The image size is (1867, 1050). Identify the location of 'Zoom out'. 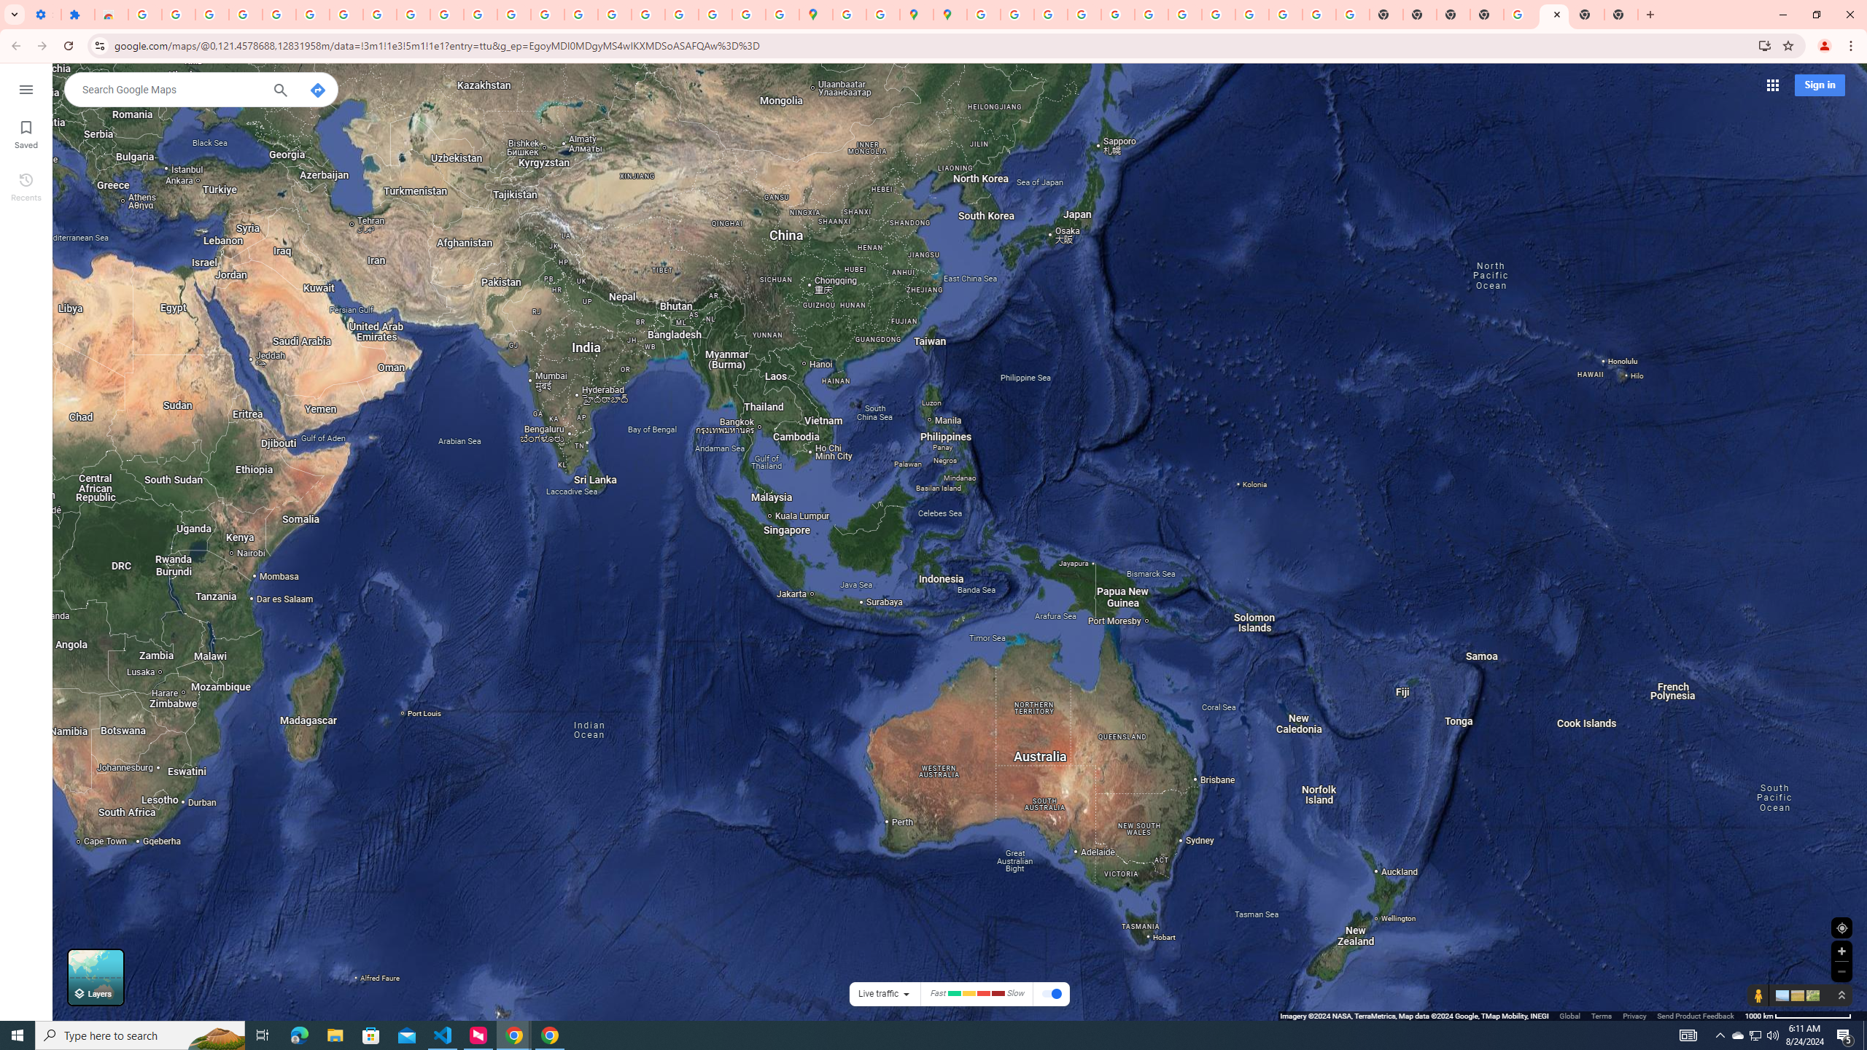
(1841, 971).